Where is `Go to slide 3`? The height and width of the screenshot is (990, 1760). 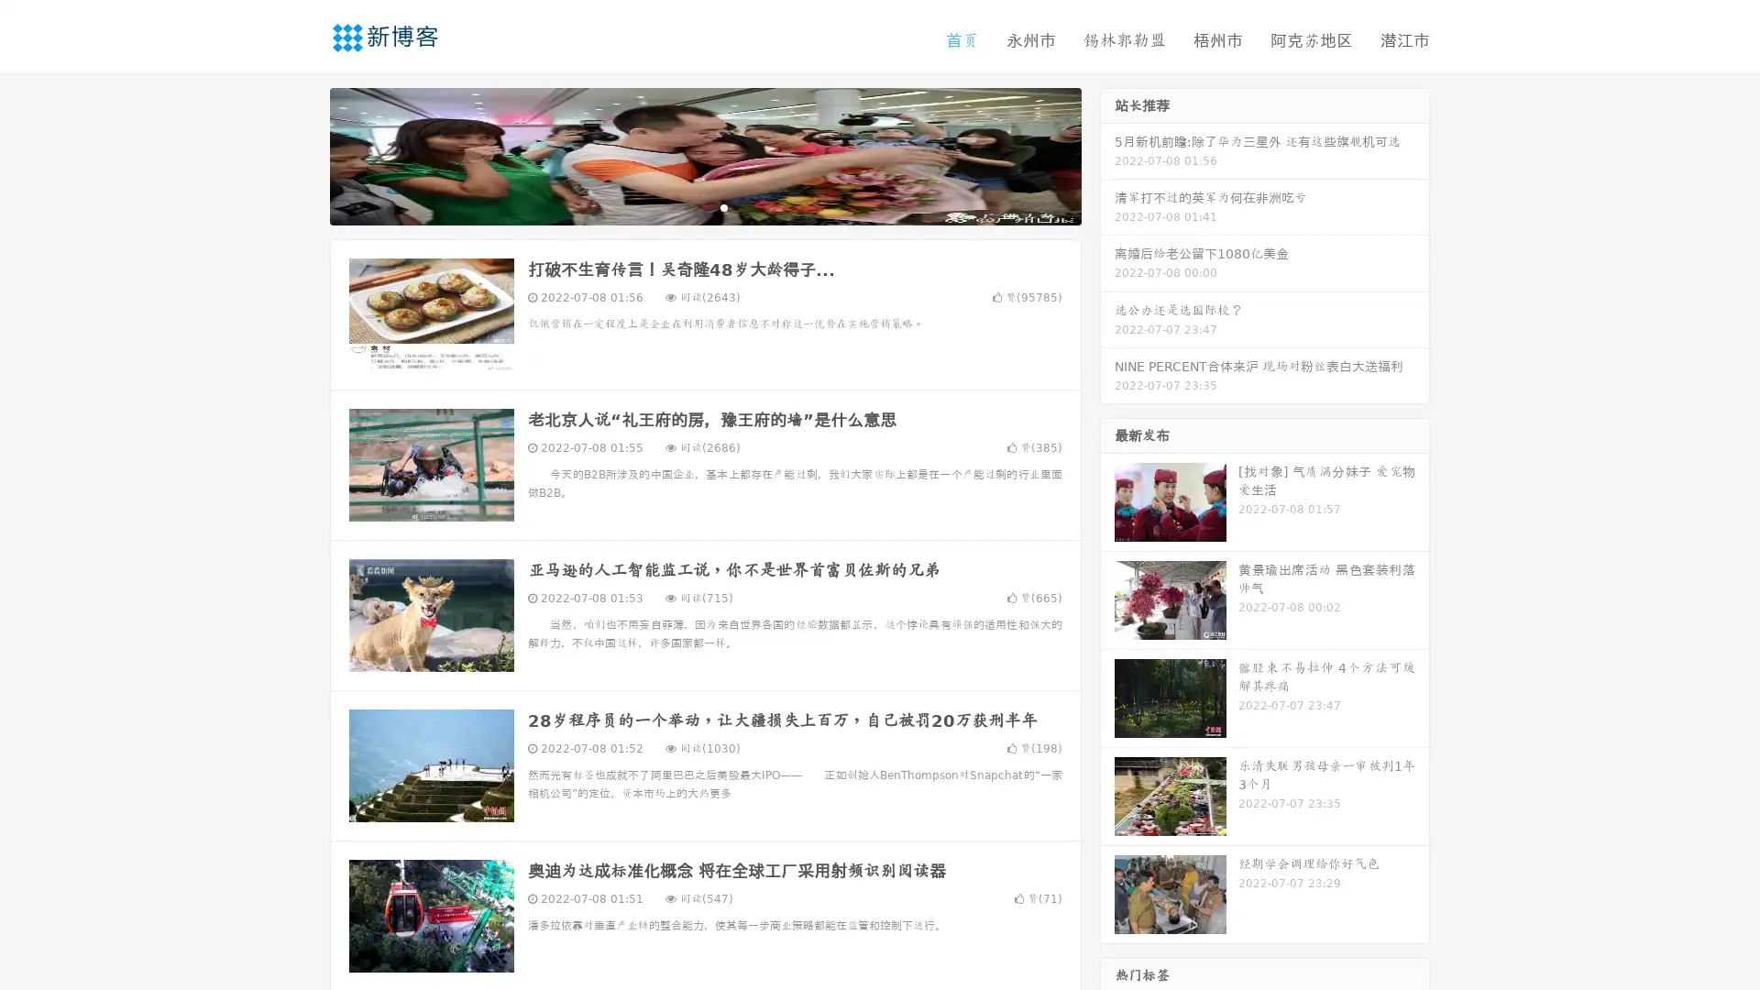 Go to slide 3 is located at coordinates (723, 206).